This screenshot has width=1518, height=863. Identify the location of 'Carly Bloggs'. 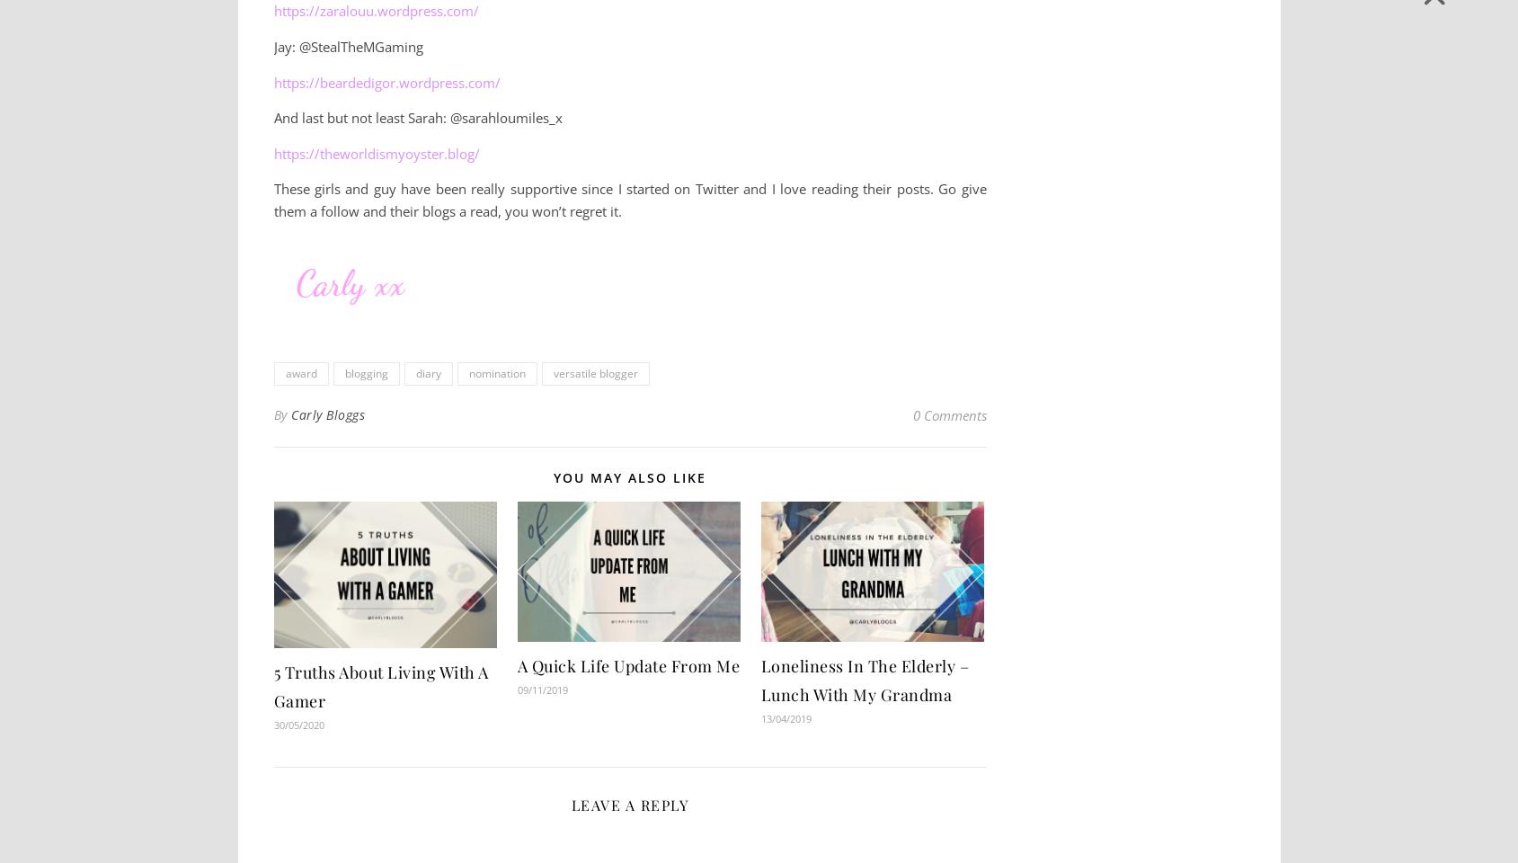
(327, 414).